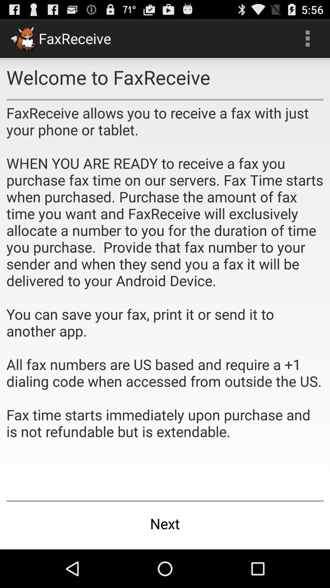 The height and width of the screenshot is (588, 330). What do you see at coordinates (307, 38) in the screenshot?
I see `app to the right of faxreceive icon` at bounding box center [307, 38].